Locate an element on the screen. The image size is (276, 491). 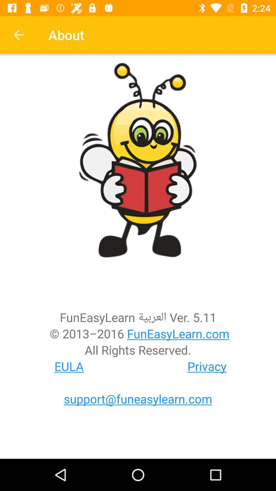
icon to the left of the privacy is located at coordinates (69, 366).